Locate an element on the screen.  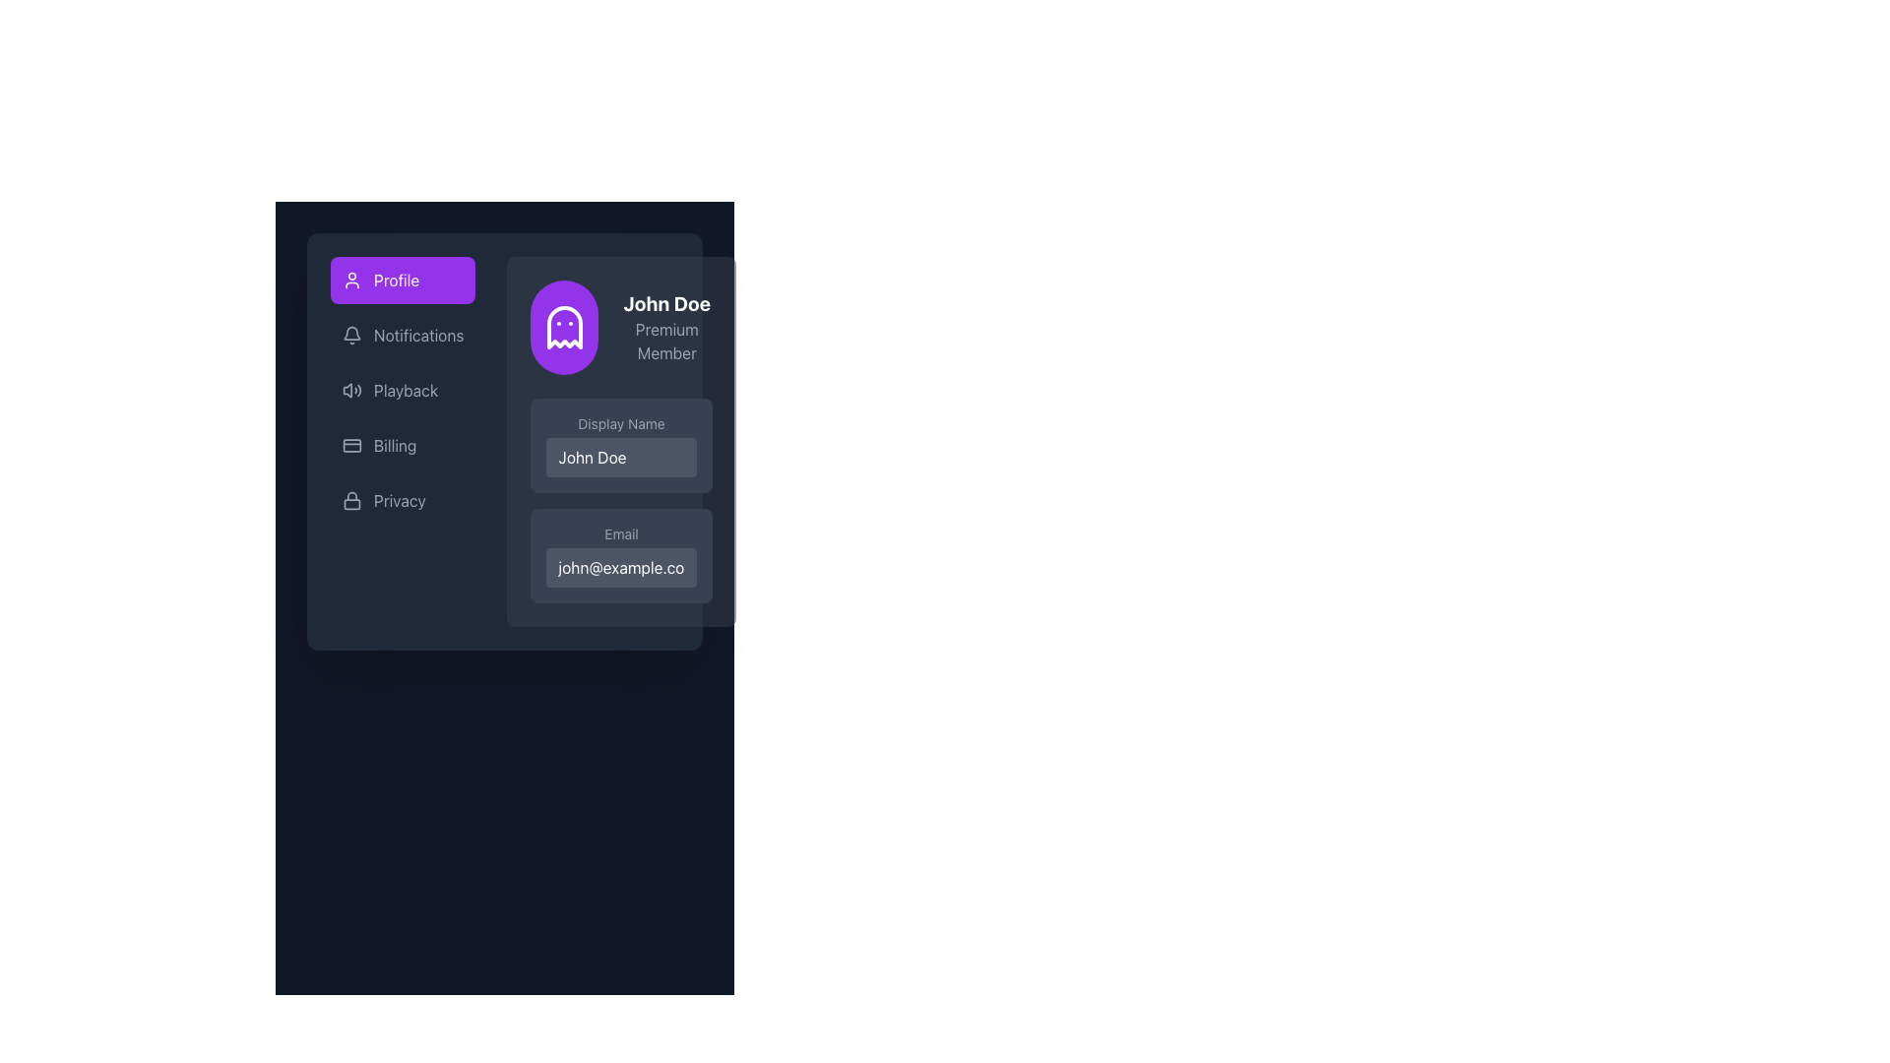
the decorative SVG icon representing the user's profile, located centrally within a purple circular background to the left of the text 'John Doe Premium Member' is located at coordinates (563, 326).